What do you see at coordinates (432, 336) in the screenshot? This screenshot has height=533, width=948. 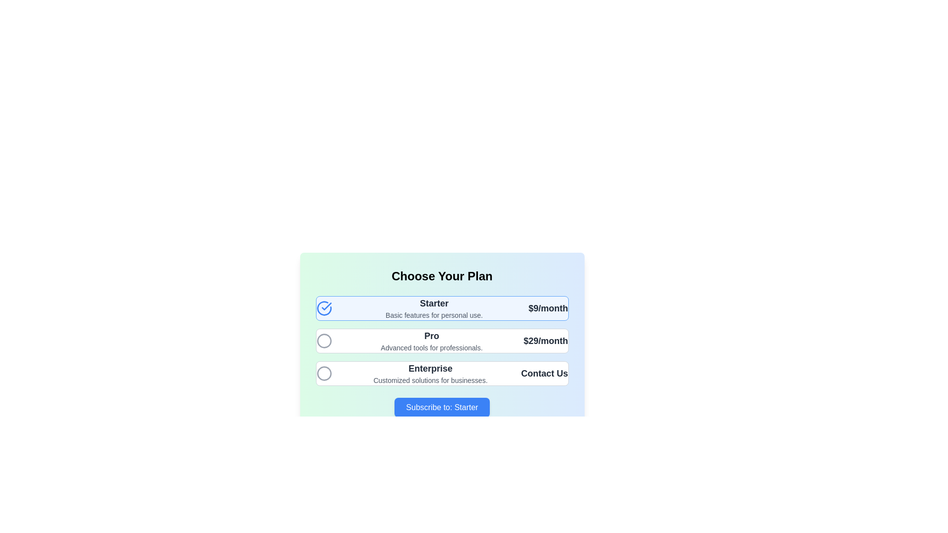 I see `the static text label that reads 'Pro', styled in bold and slightly larger font, positioned centrally among subscription plans in the selection interface` at bounding box center [432, 336].